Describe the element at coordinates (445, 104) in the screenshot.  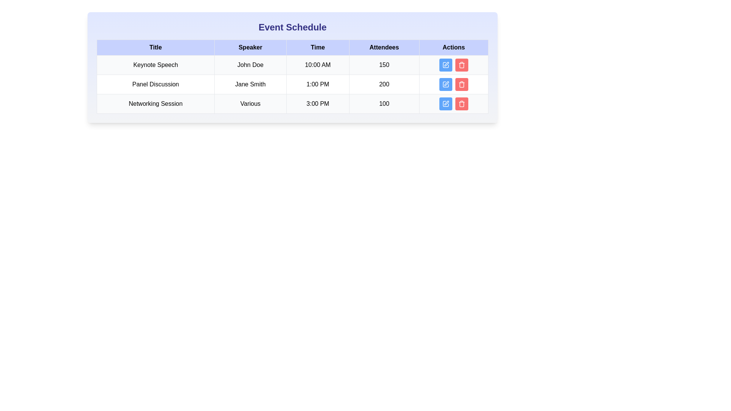
I see `the action button for the event titled Networking Session` at that location.